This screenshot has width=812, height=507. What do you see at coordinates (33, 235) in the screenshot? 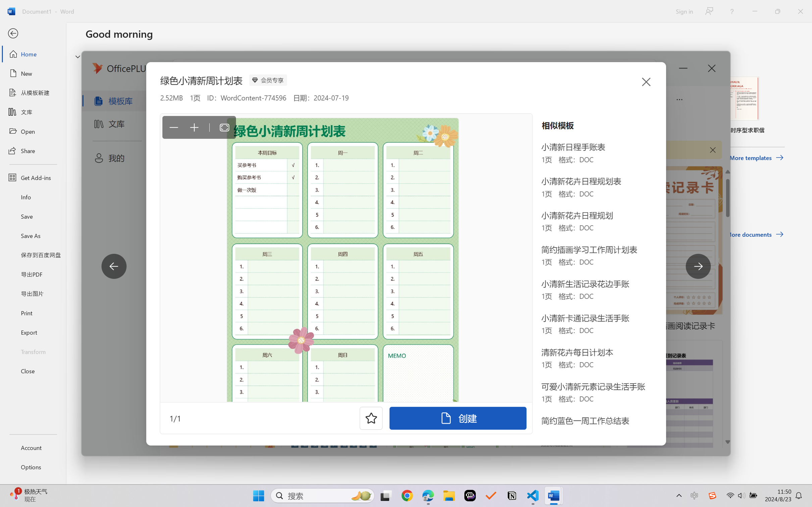
I see `'Save As'` at bounding box center [33, 235].